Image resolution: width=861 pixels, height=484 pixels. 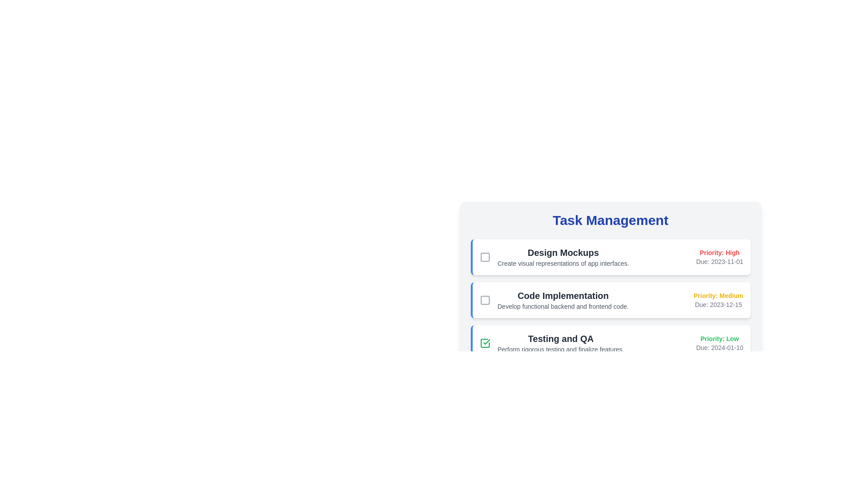 I want to click on the Text Label that serves as the title of the task card in the 'Task Management' section, located above the descriptive text and aligned to the left edge, so click(x=563, y=252).